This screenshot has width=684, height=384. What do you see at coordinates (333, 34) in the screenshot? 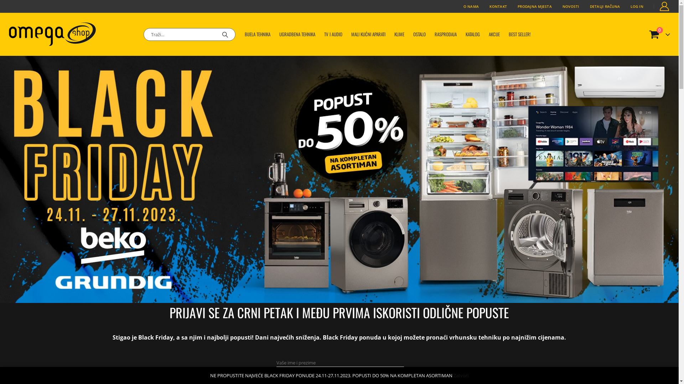
I see `'TV I AUDIO'` at bounding box center [333, 34].